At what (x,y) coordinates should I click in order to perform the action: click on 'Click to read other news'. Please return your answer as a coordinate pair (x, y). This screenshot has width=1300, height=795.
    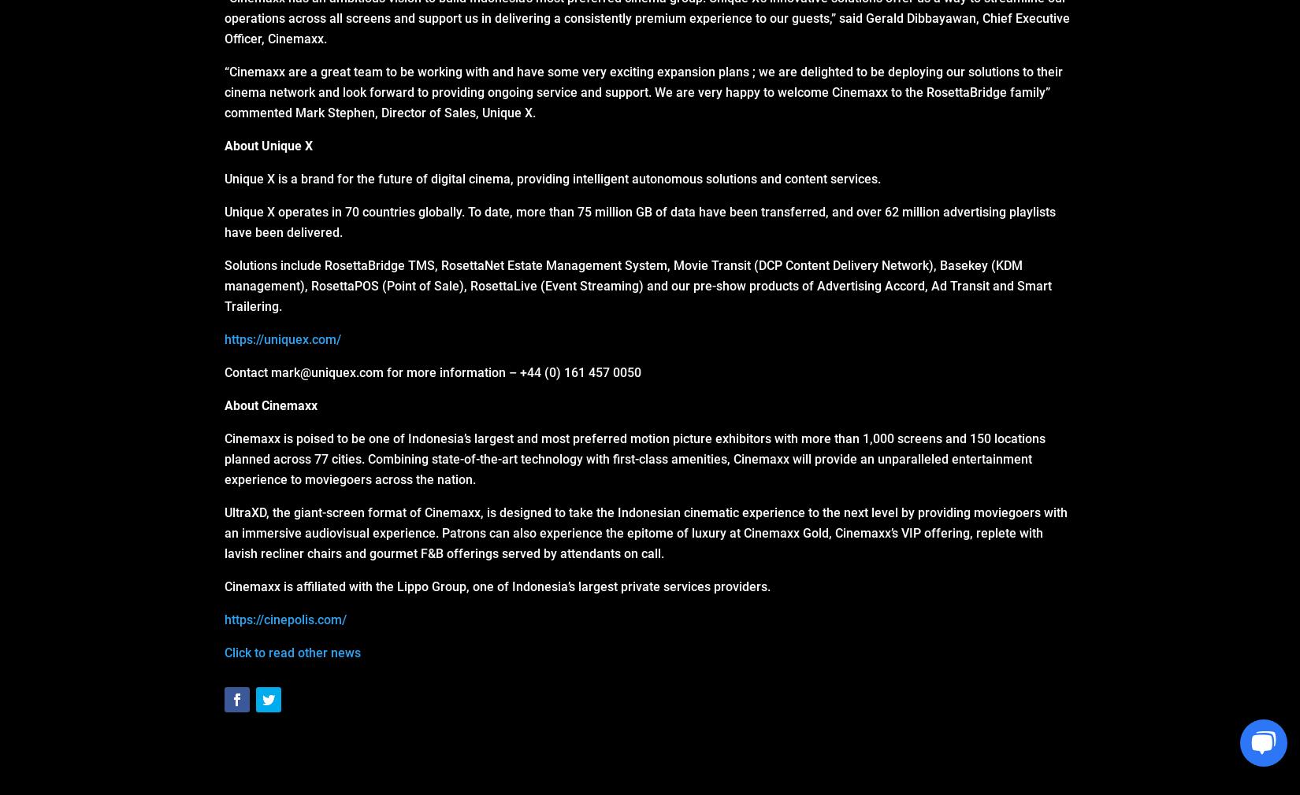
    Looking at the image, I should click on (292, 653).